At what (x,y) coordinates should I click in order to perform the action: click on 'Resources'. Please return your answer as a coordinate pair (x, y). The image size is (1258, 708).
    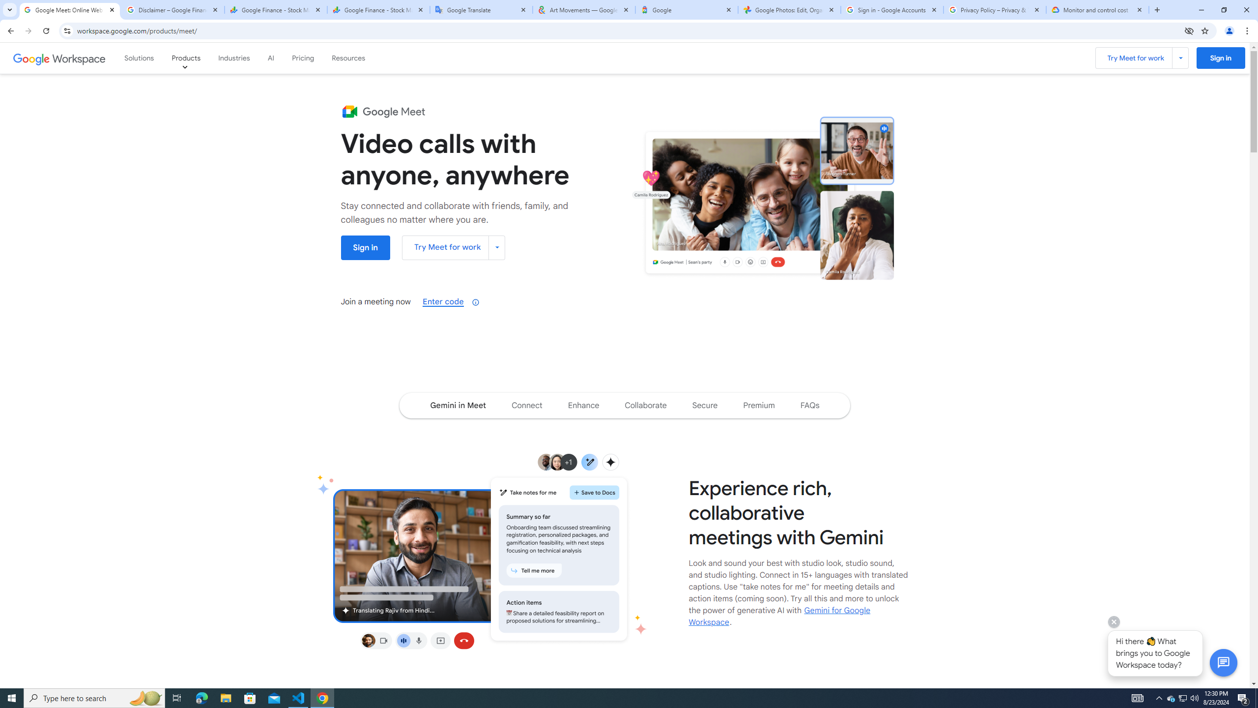
    Looking at the image, I should click on (348, 58).